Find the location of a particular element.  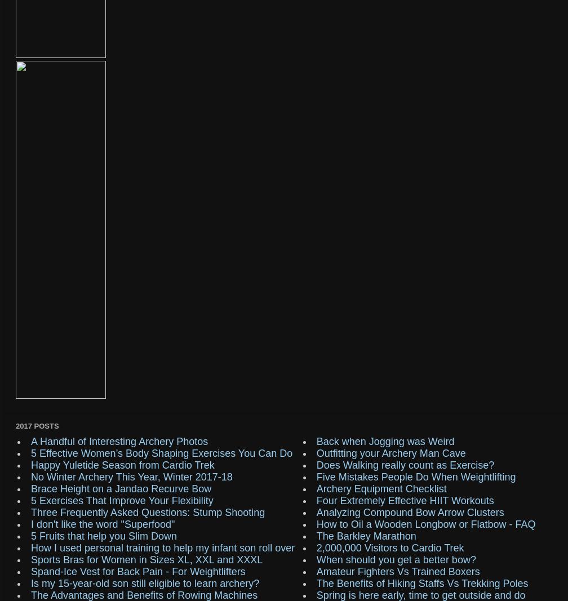

'Archery Equipment Checklist' is located at coordinates (381, 488).